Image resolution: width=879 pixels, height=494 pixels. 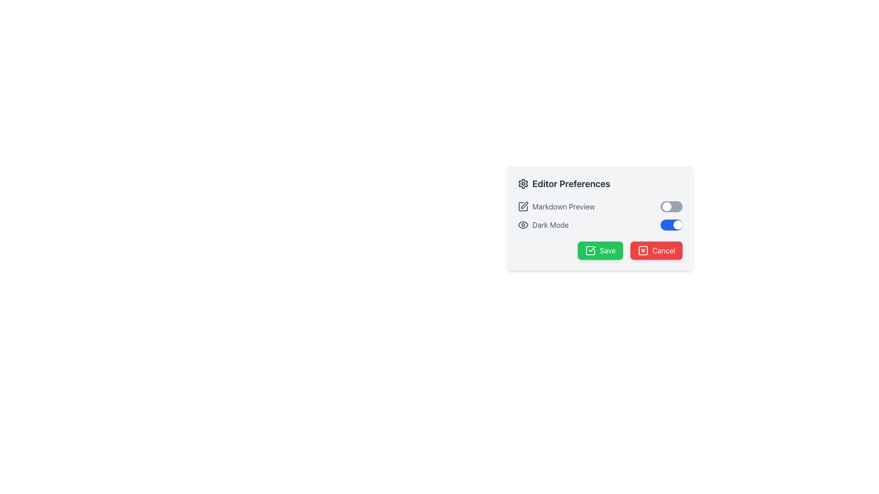 What do you see at coordinates (564, 183) in the screenshot?
I see `the 'Editor Preferences' header located at the top-left corner of the modal interface` at bounding box center [564, 183].